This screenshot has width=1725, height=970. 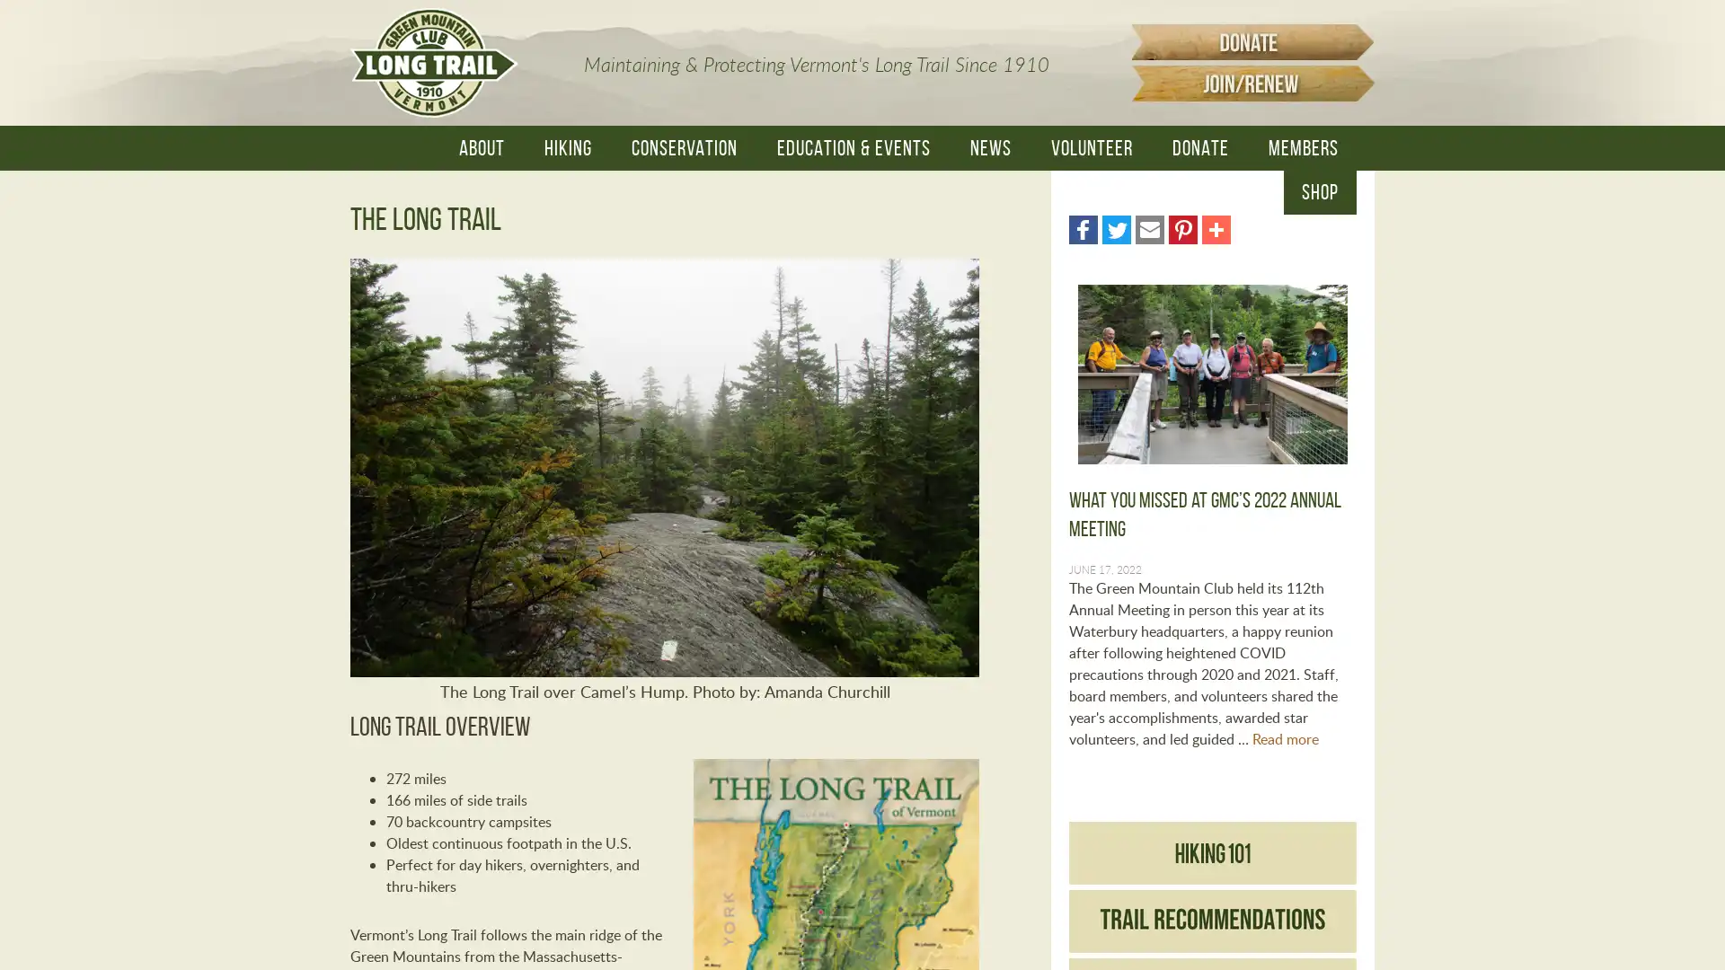 What do you see at coordinates (1216, 228) in the screenshot?
I see `Share to More` at bounding box center [1216, 228].